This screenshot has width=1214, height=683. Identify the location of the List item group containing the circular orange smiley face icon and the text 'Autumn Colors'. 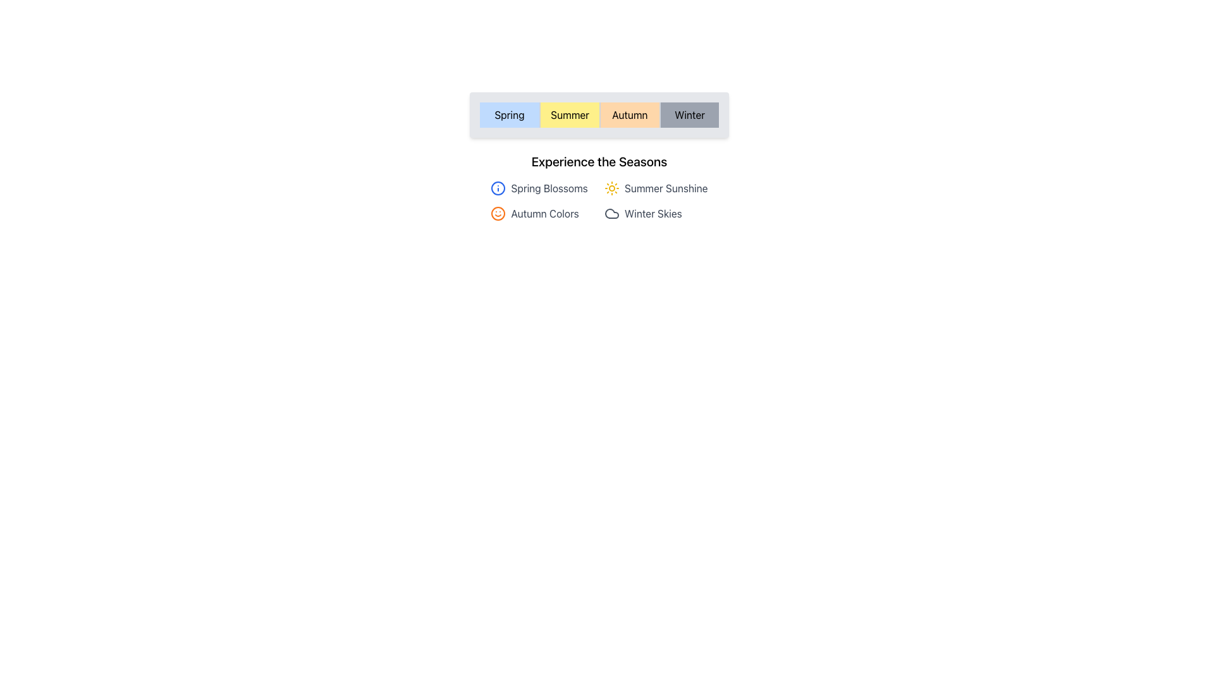
(543, 213).